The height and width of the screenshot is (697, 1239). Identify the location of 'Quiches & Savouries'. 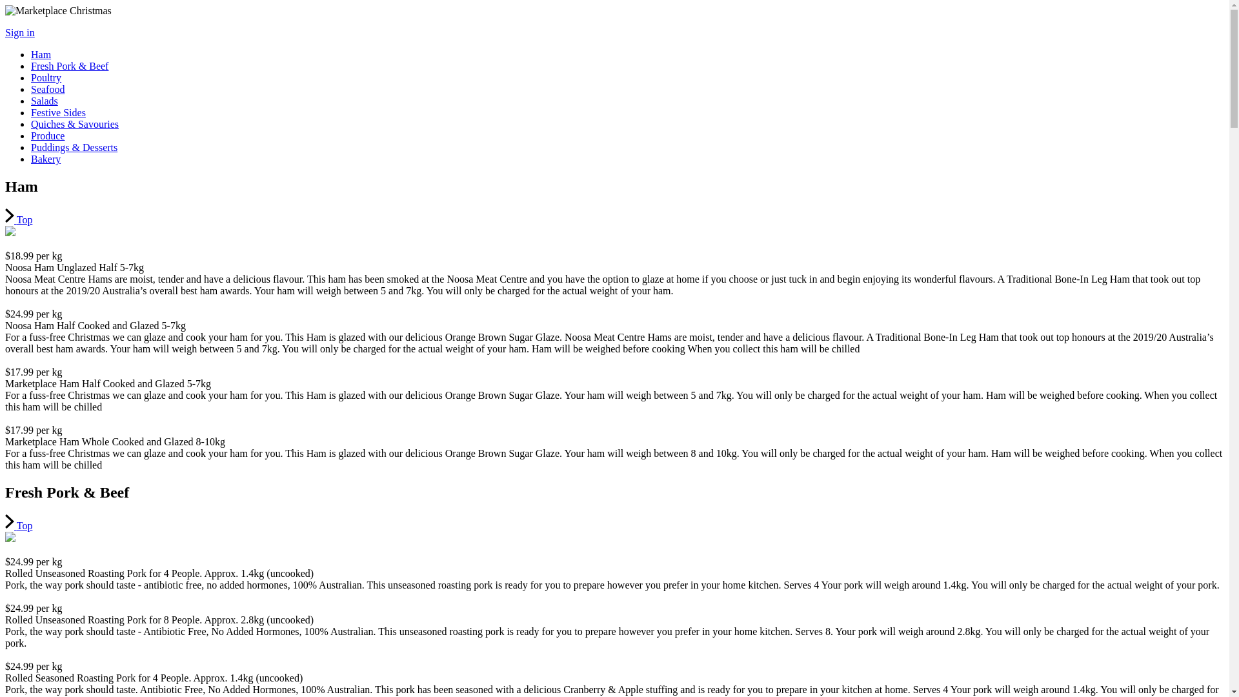
(31, 124).